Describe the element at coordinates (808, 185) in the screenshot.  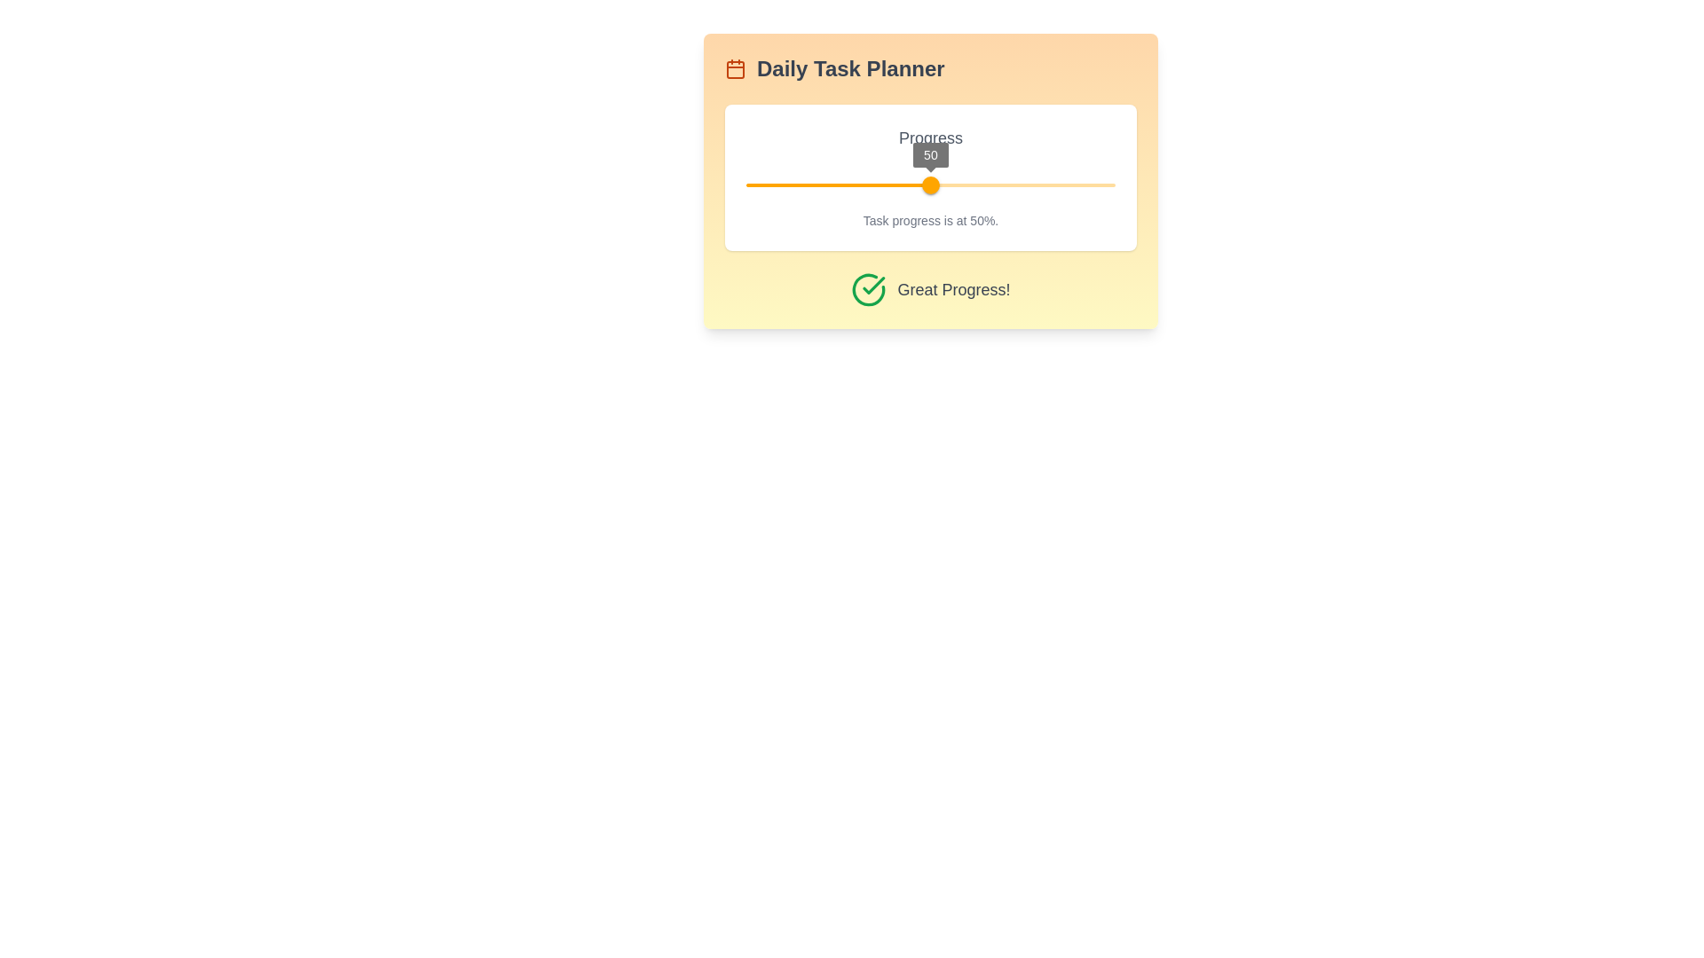
I see `the slider's value` at that location.